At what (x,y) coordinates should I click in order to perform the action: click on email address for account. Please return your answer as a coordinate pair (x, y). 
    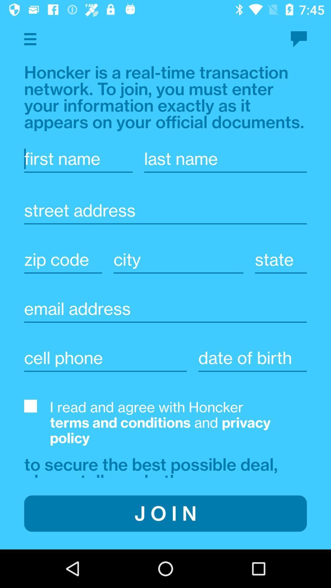
    Looking at the image, I should click on (165, 309).